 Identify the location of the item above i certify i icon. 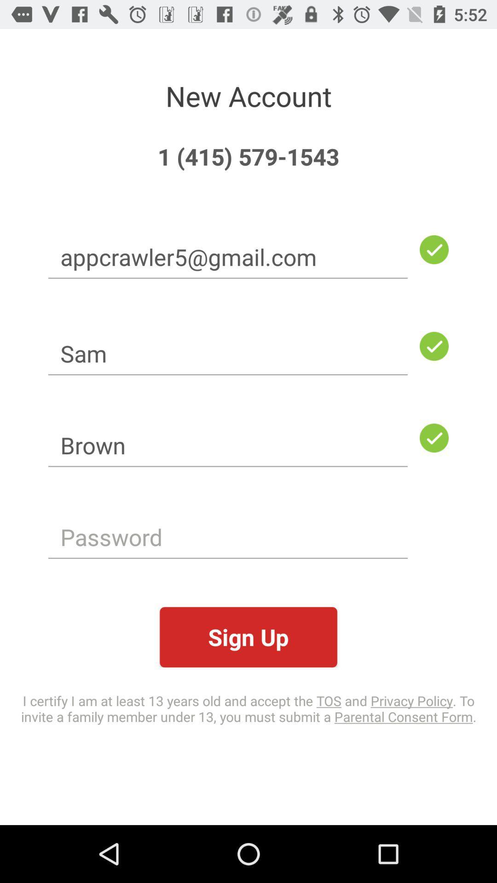
(248, 636).